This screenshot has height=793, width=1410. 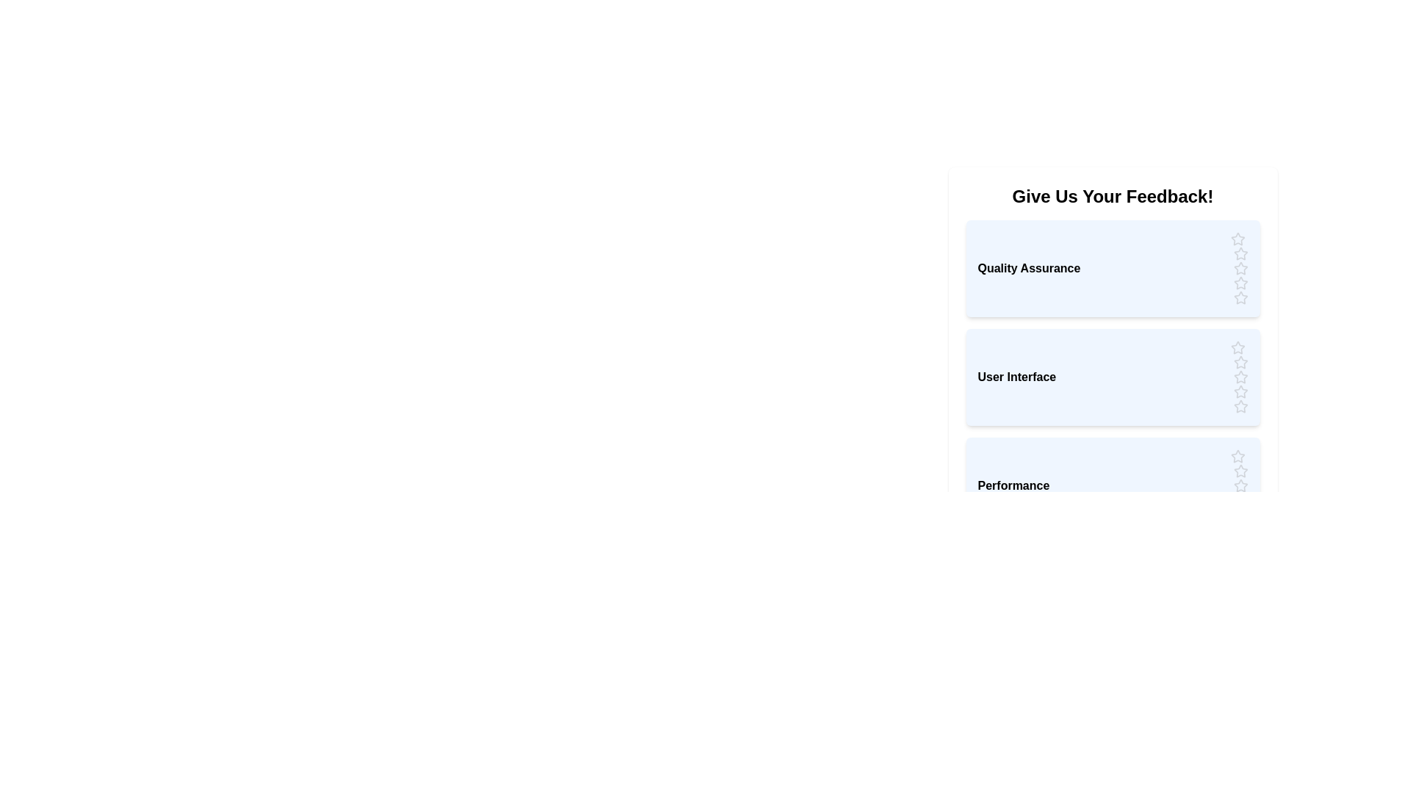 I want to click on the rating for the category 'Quality Assurance' to 5 stars, so click(x=1240, y=297).